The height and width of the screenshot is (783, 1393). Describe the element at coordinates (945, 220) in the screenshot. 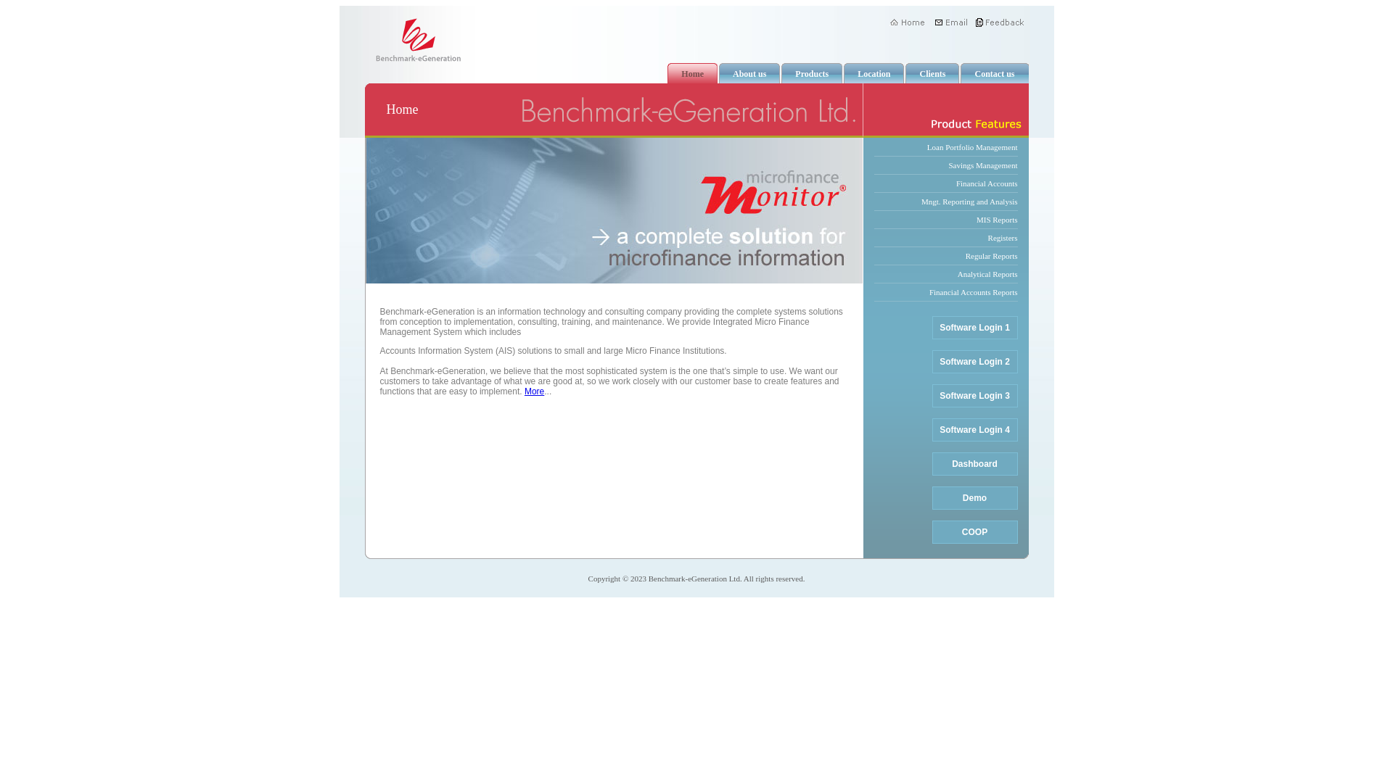

I see `'MIS Reports'` at that location.